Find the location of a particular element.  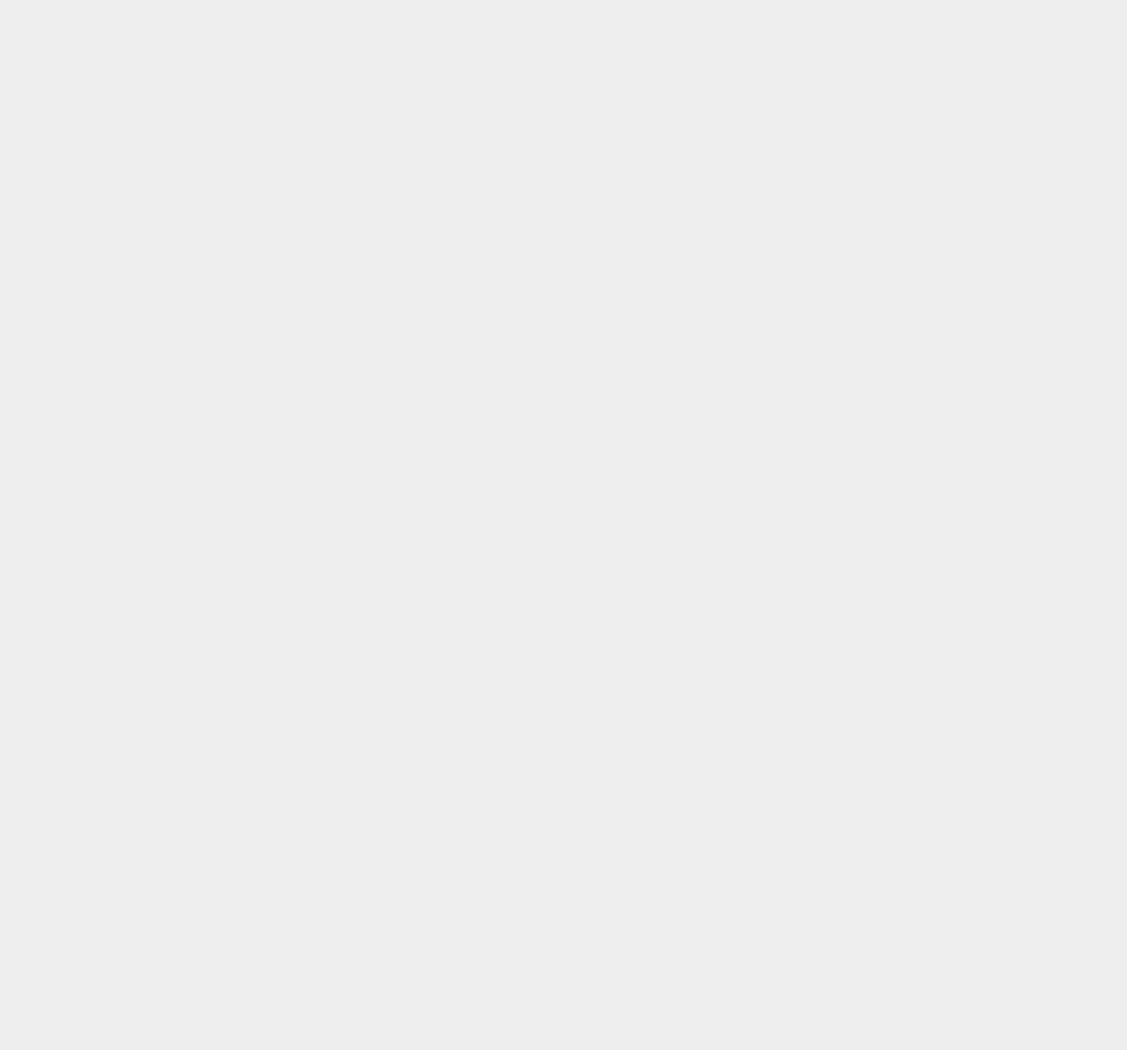

'Notebook' is located at coordinates (825, 431).